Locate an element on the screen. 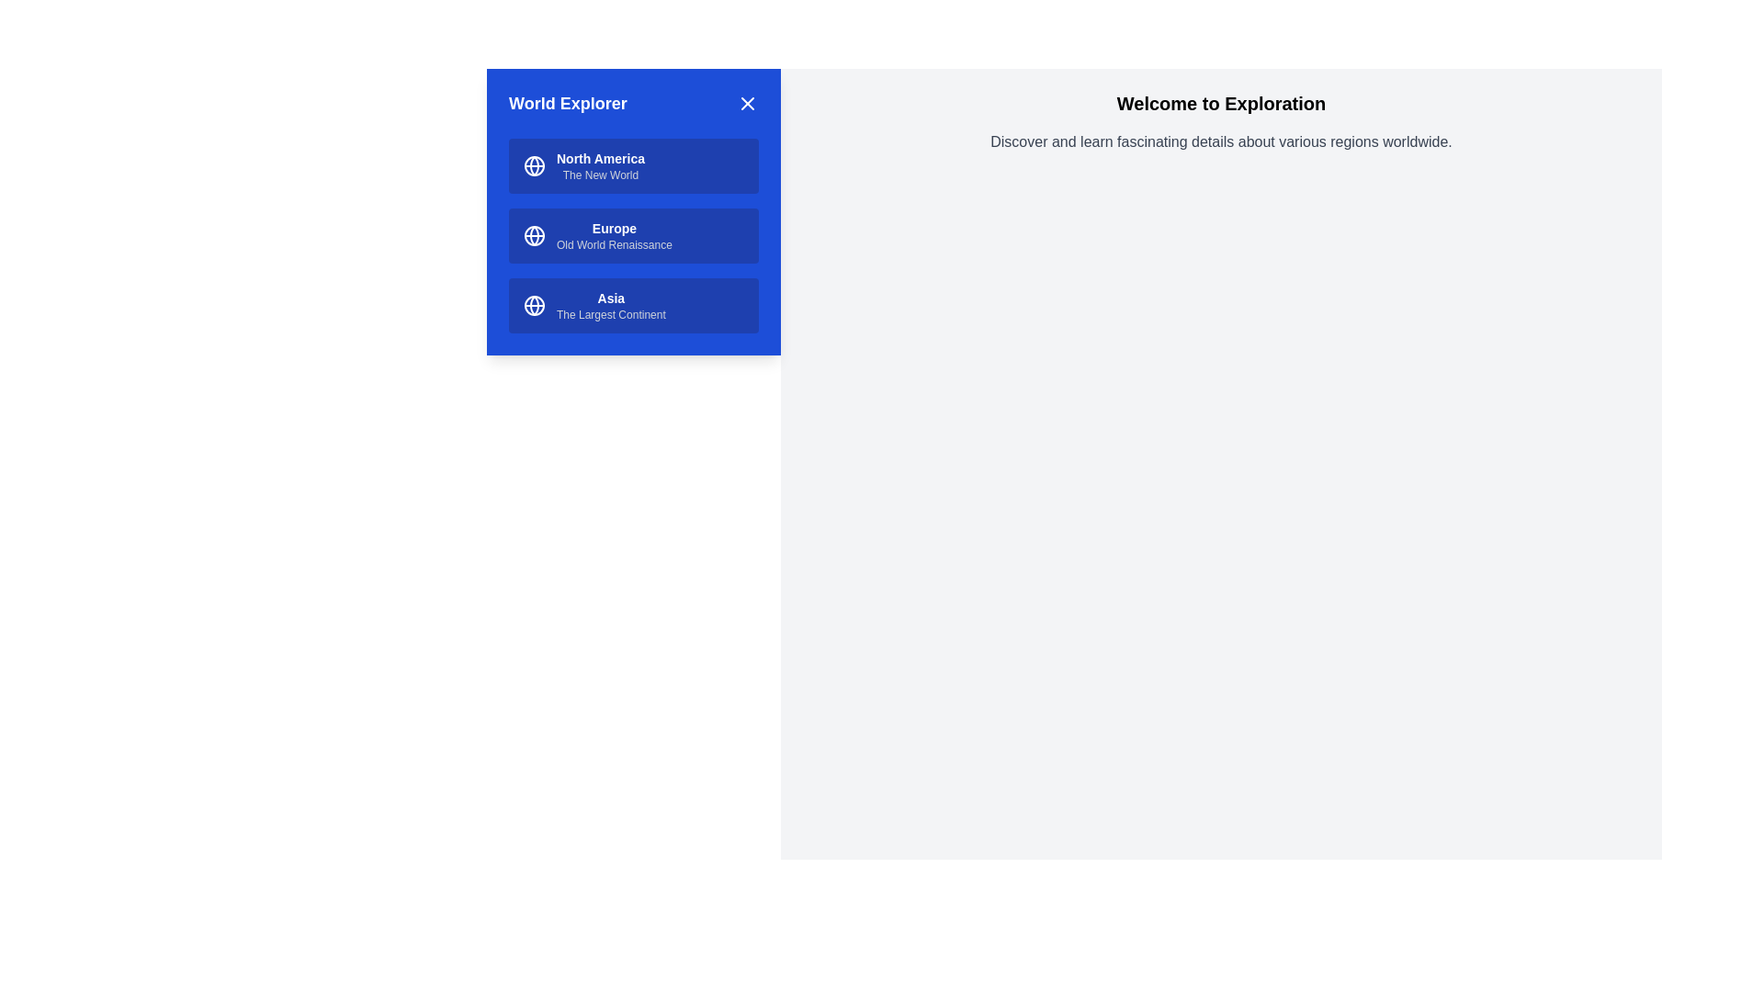  toggle button at the top-right corner of the sidebar to hide it is located at coordinates (748, 103).